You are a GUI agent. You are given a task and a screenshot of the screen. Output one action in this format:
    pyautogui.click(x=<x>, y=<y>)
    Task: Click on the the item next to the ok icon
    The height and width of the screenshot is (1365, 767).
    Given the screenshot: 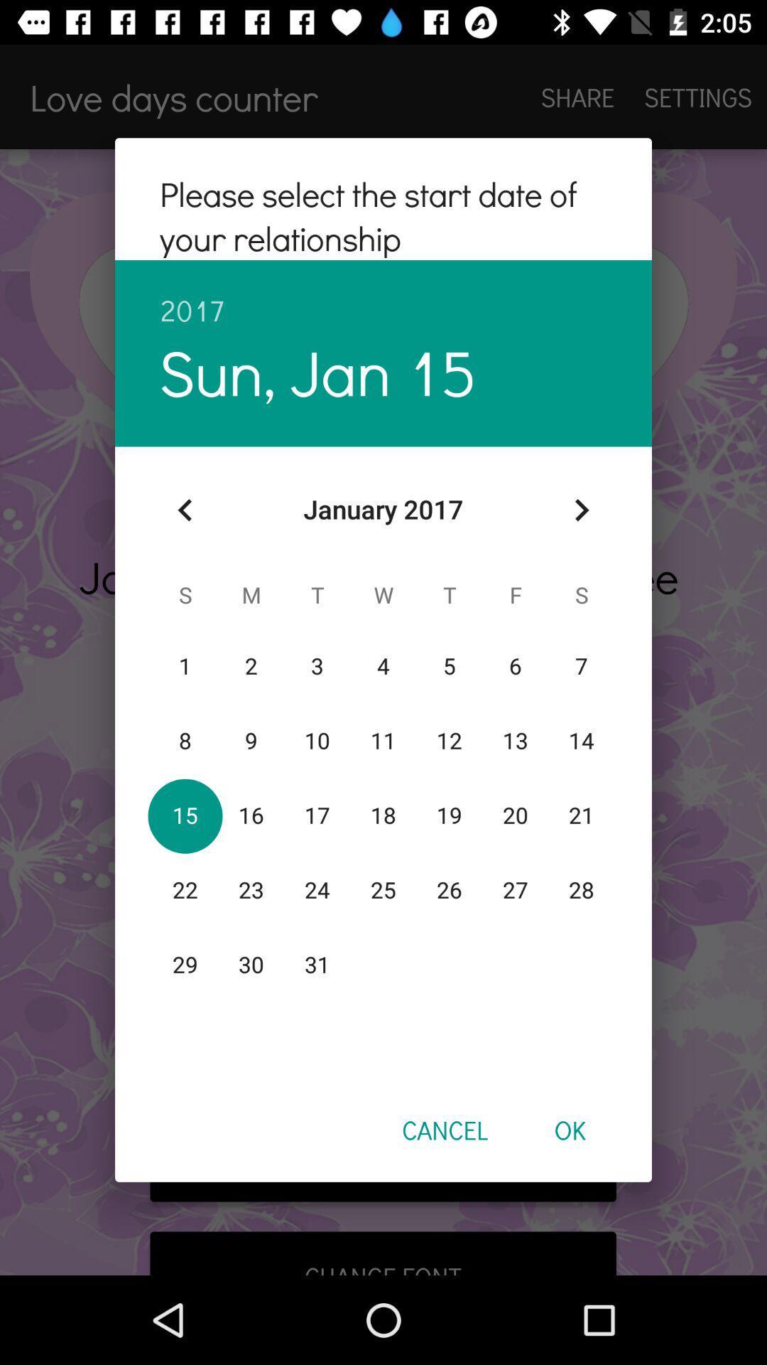 What is the action you would take?
    pyautogui.click(x=444, y=1129)
    